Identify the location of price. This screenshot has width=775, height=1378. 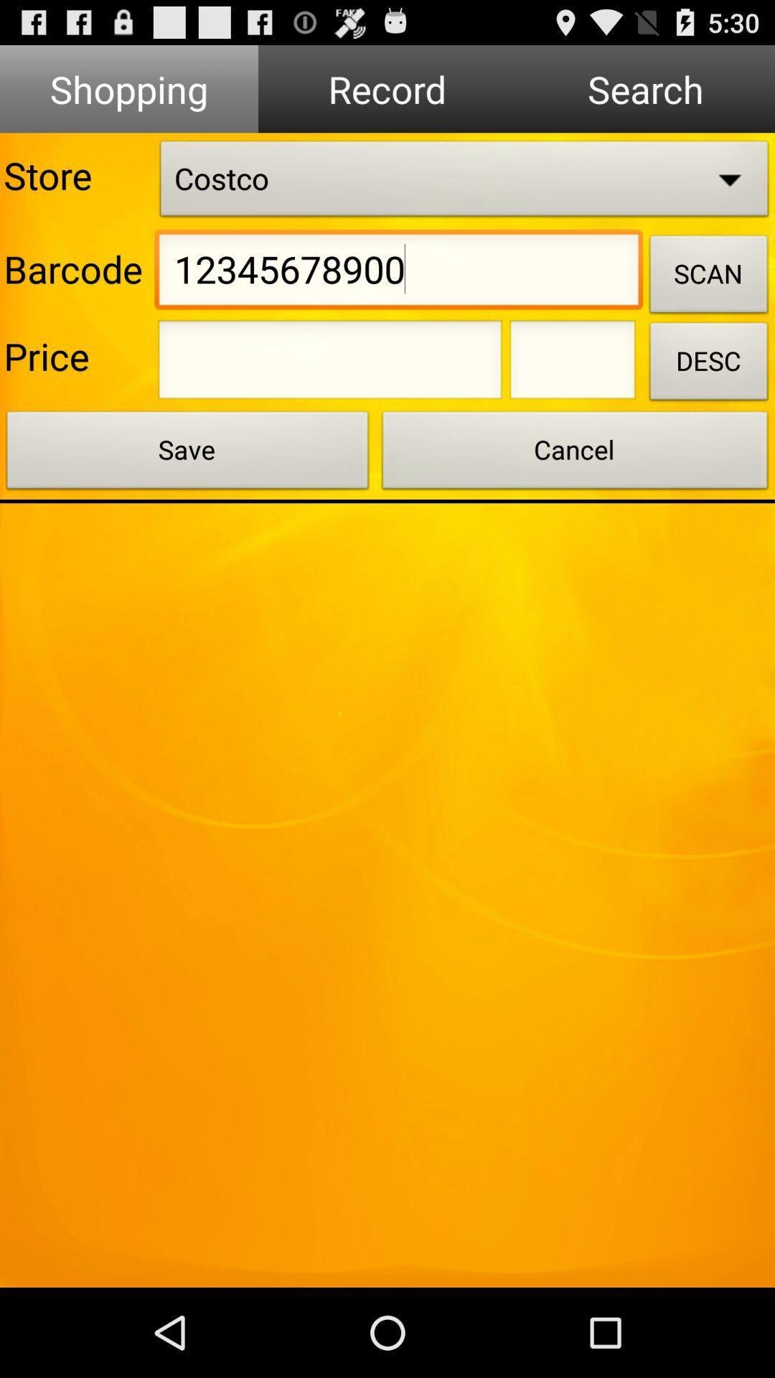
(330, 364).